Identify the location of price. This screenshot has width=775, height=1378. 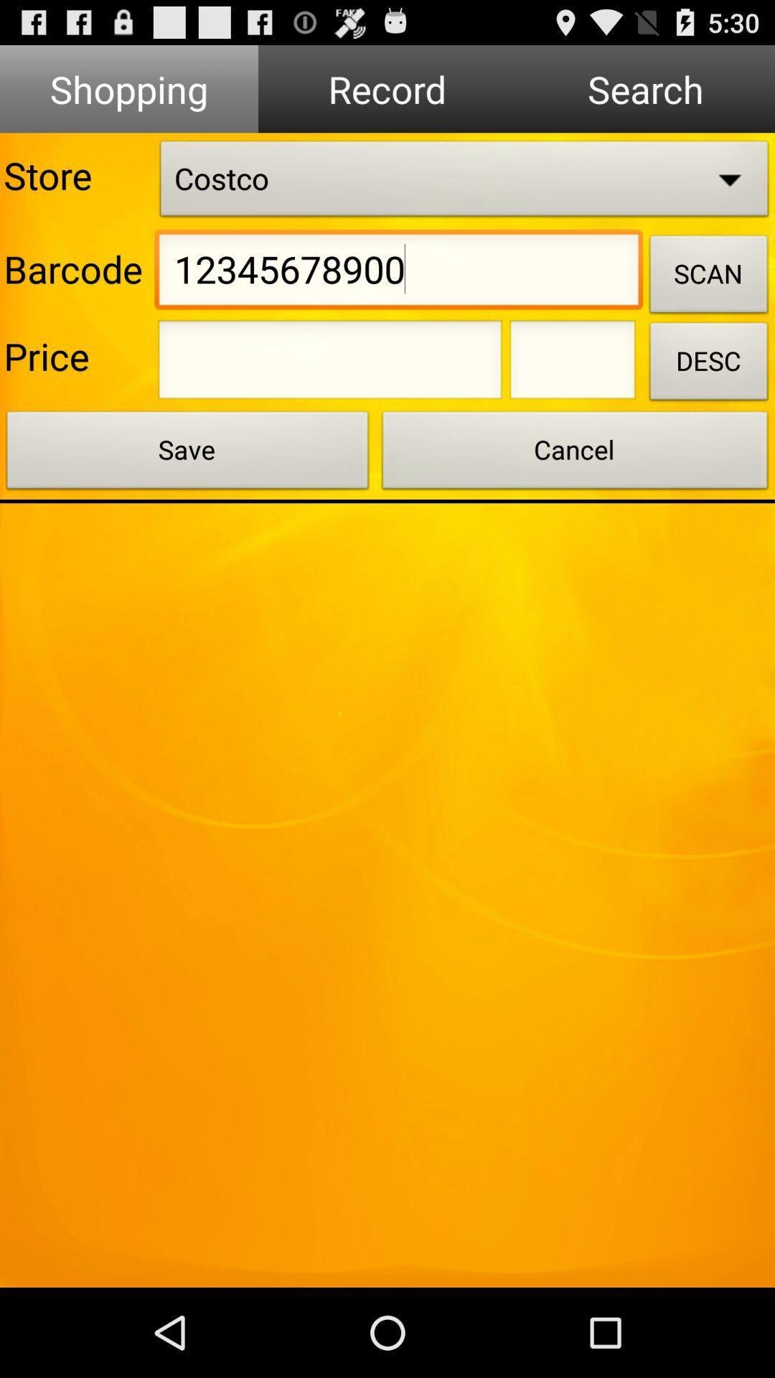
(330, 364).